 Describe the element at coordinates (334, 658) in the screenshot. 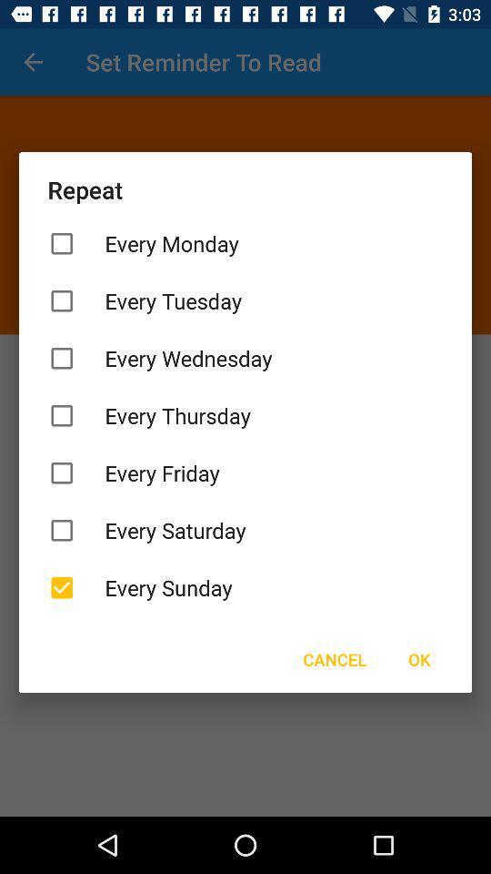

I see `the icon to the left of the ok icon` at that location.